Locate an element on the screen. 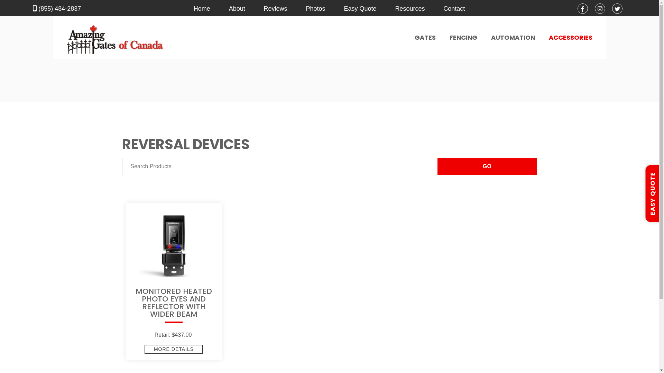 The height and width of the screenshot is (373, 664). 'MORE DETAILS' is located at coordinates (174, 349).